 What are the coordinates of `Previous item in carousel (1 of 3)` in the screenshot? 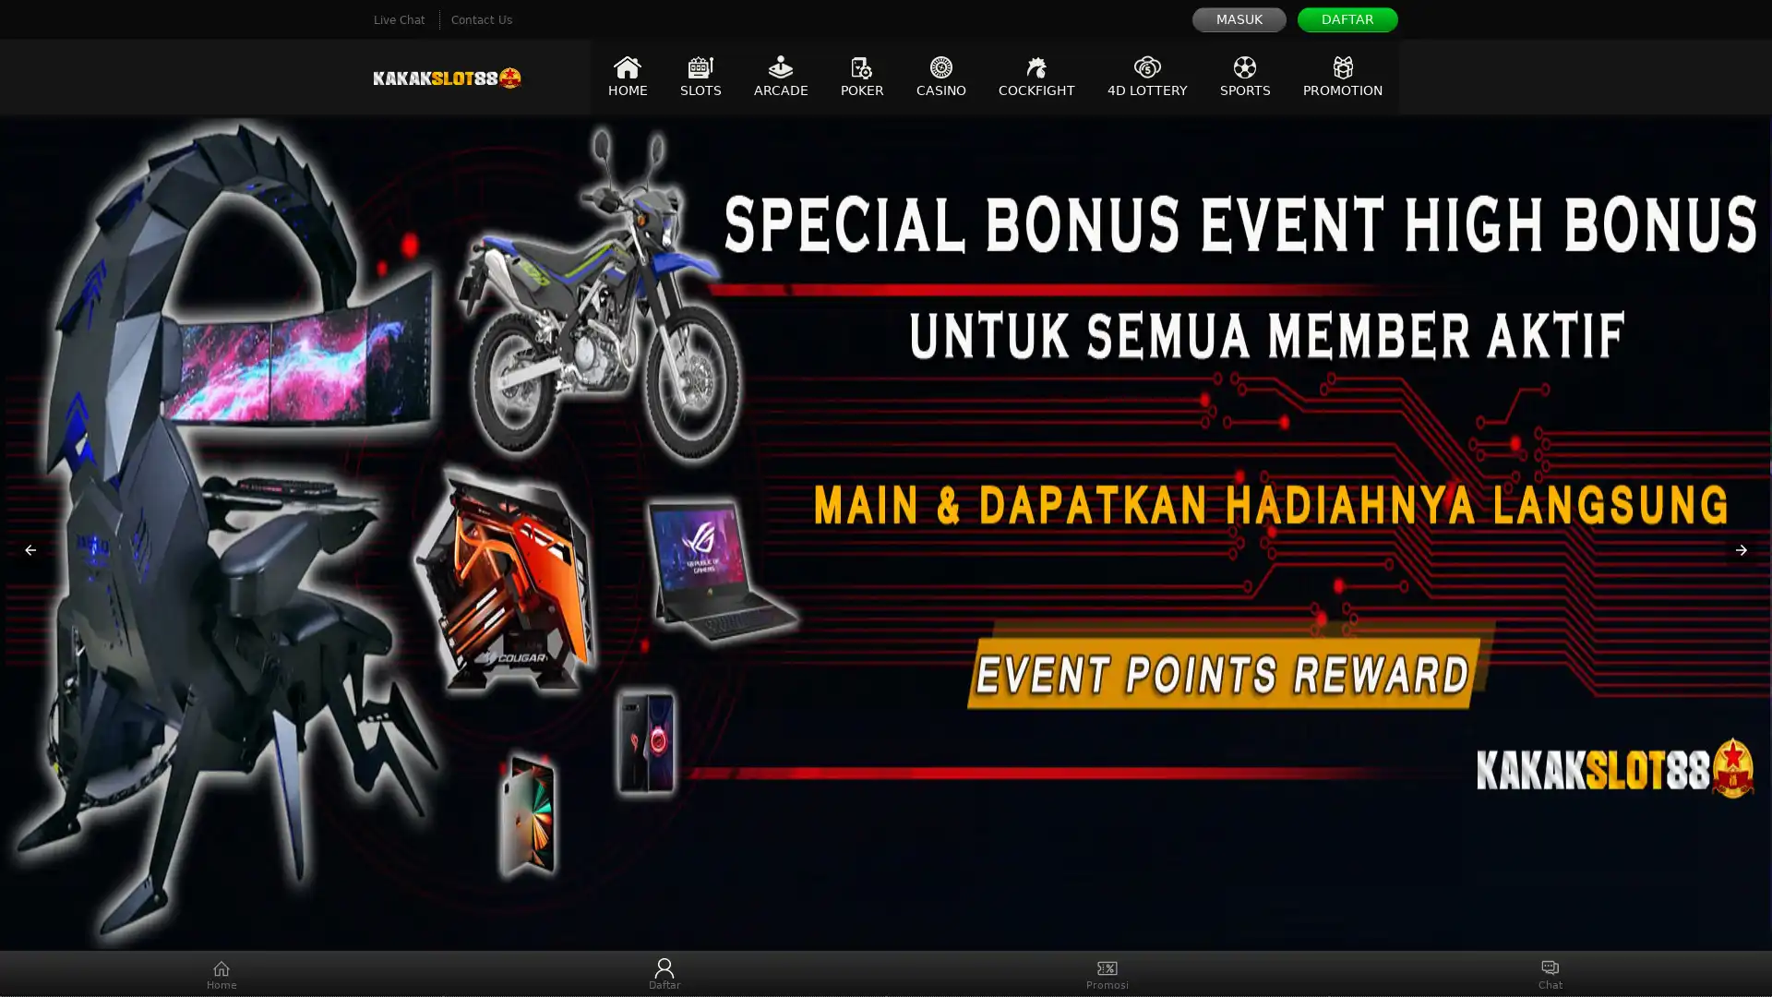 It's located at (30, 550).